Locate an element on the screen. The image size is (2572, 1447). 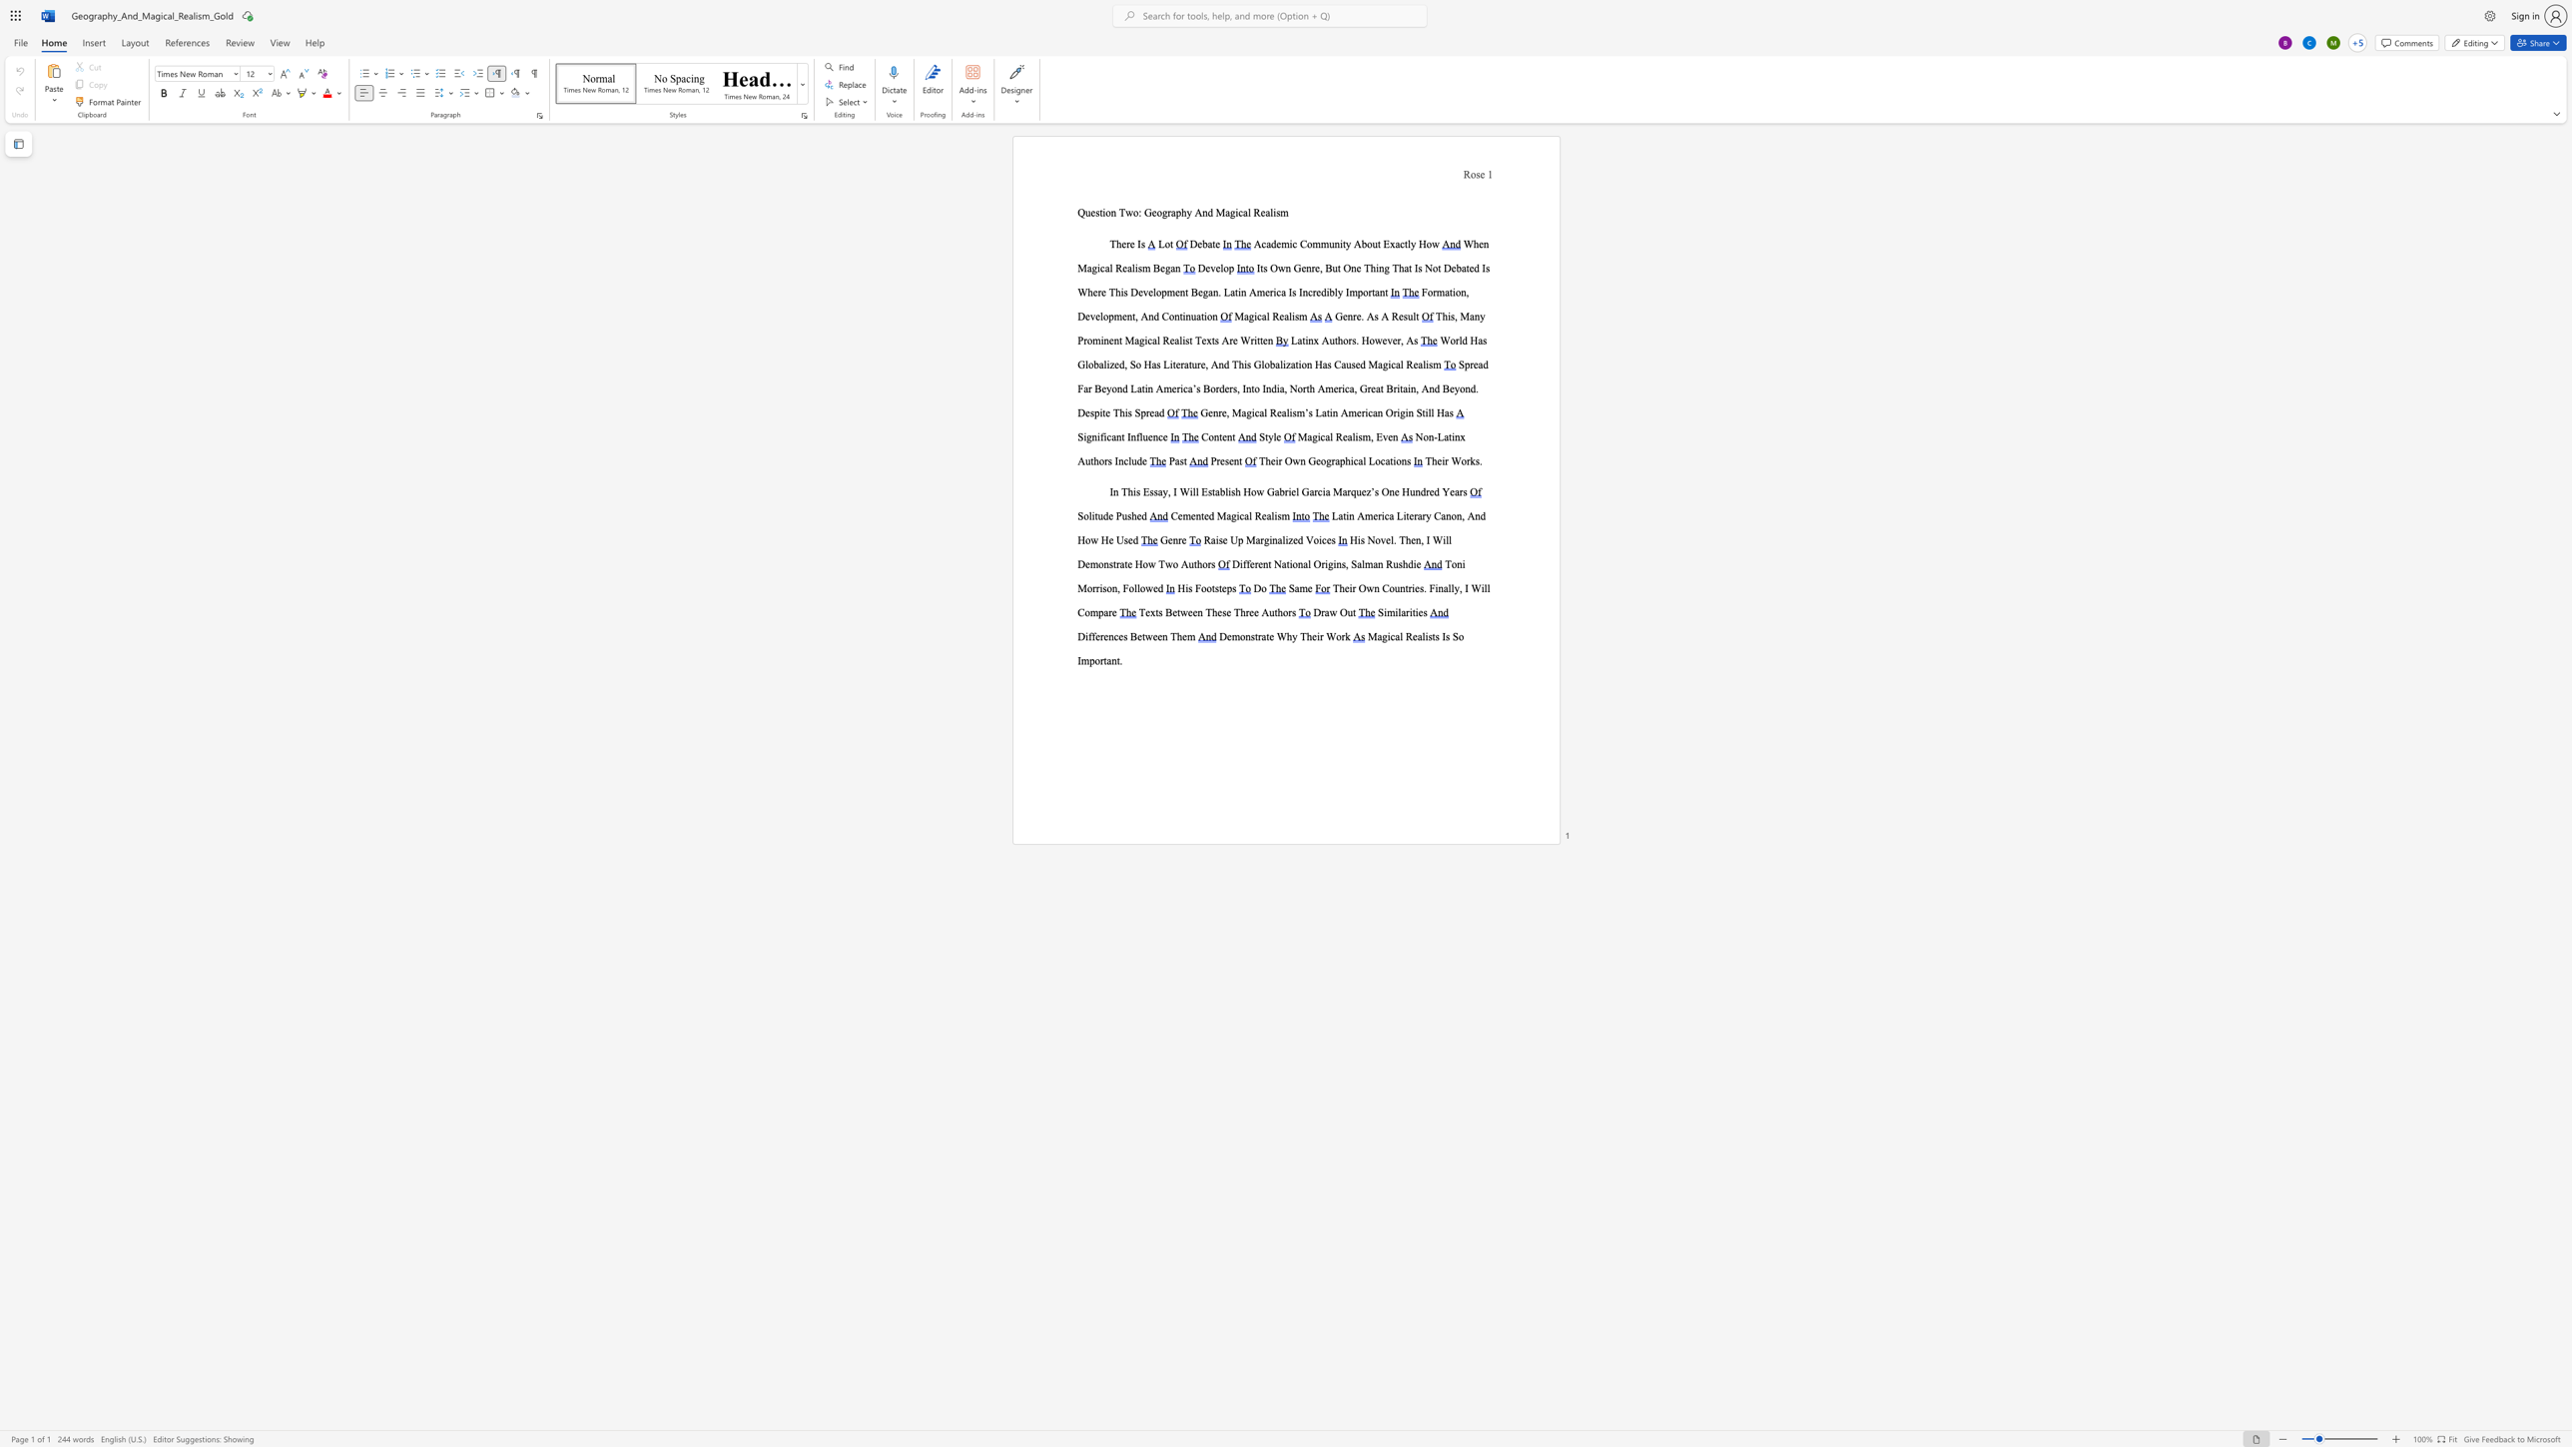
the 1th character "i" in the text is located at coordinates (1444, 459).